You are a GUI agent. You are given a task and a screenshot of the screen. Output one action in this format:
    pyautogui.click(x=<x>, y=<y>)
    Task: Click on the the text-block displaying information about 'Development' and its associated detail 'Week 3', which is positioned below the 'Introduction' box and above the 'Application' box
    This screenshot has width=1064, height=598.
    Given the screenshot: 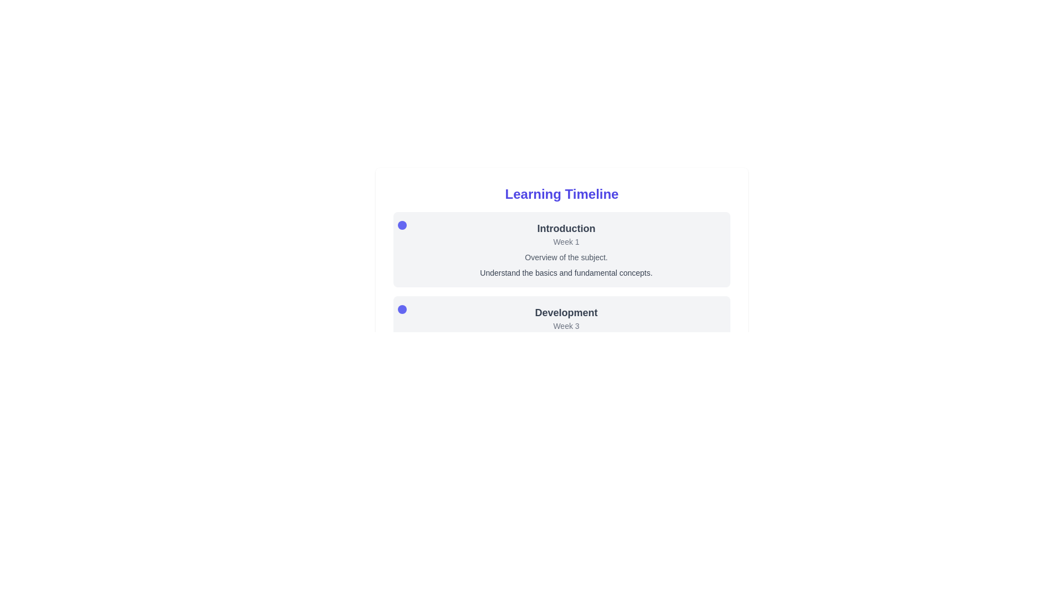 What is the action you would take?
    pyautogui.click(x=561, y=333)
    